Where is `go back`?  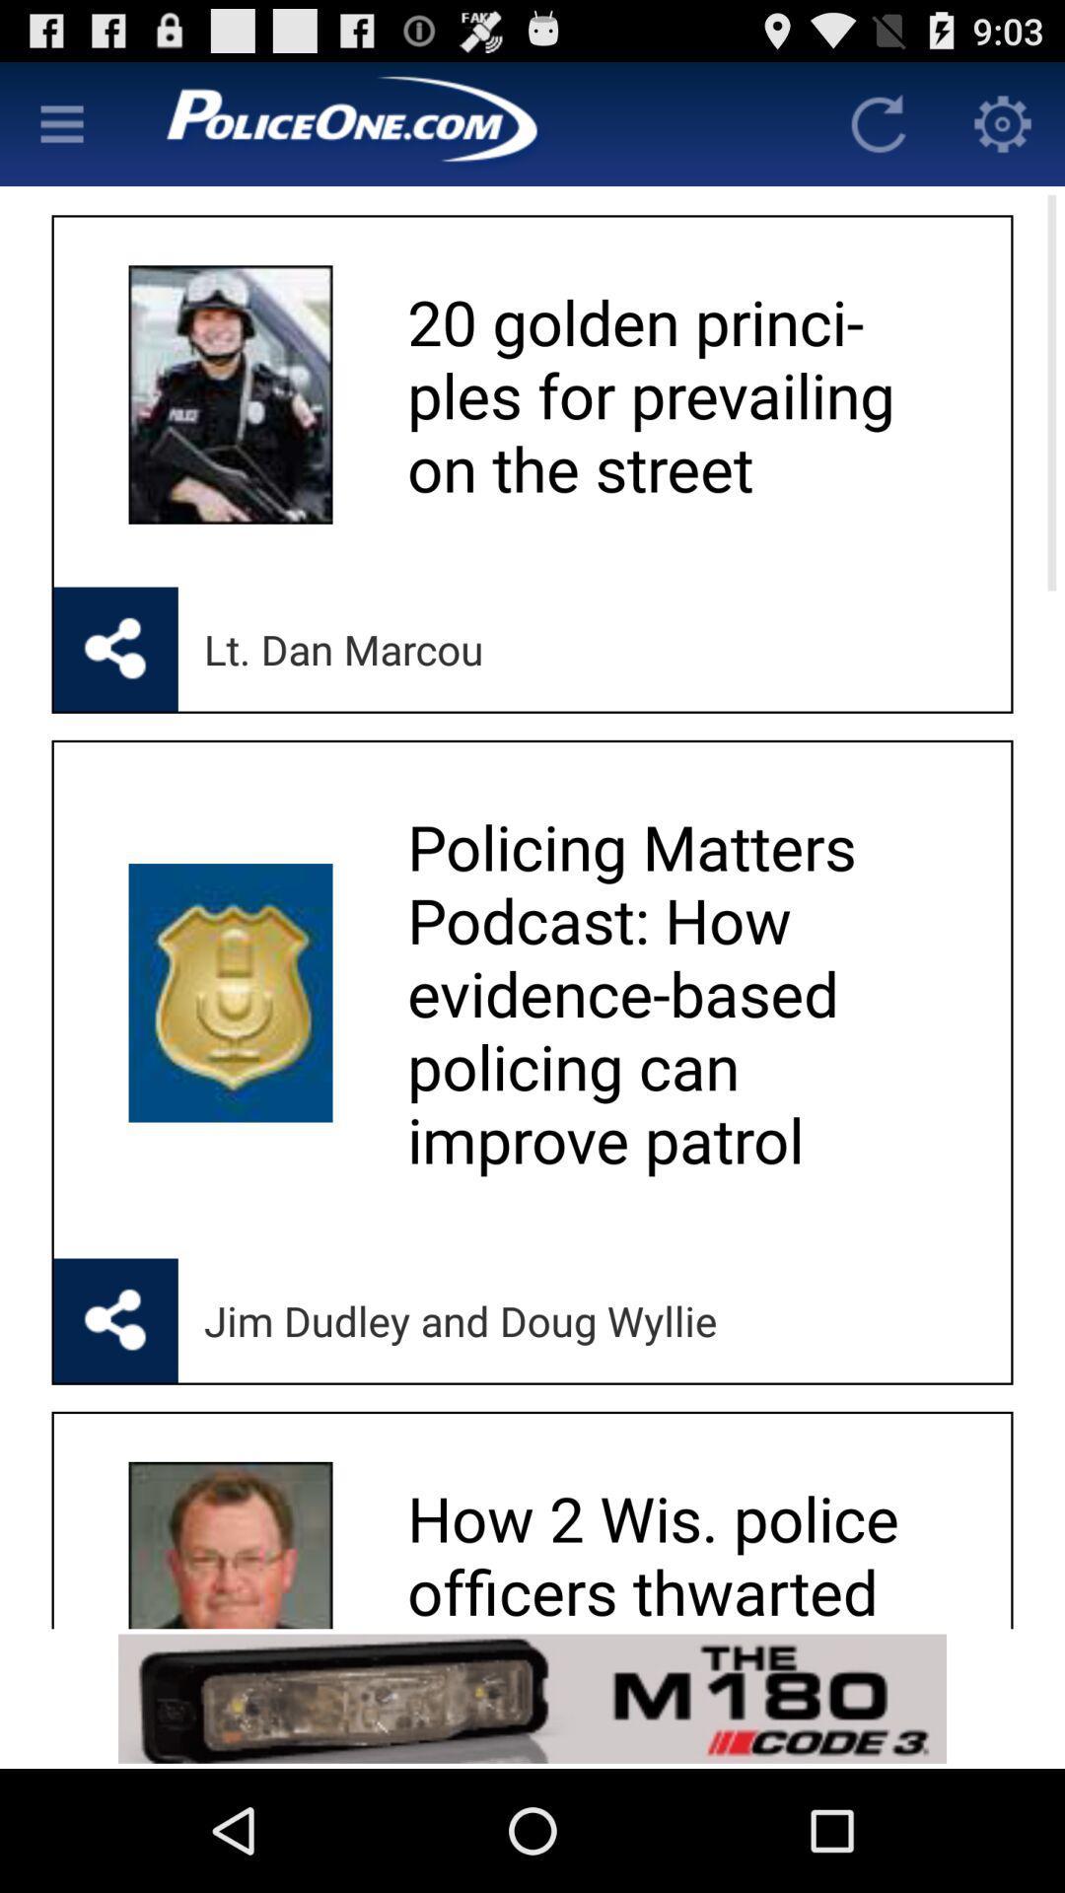
go back is located at coordinates (878, 122).